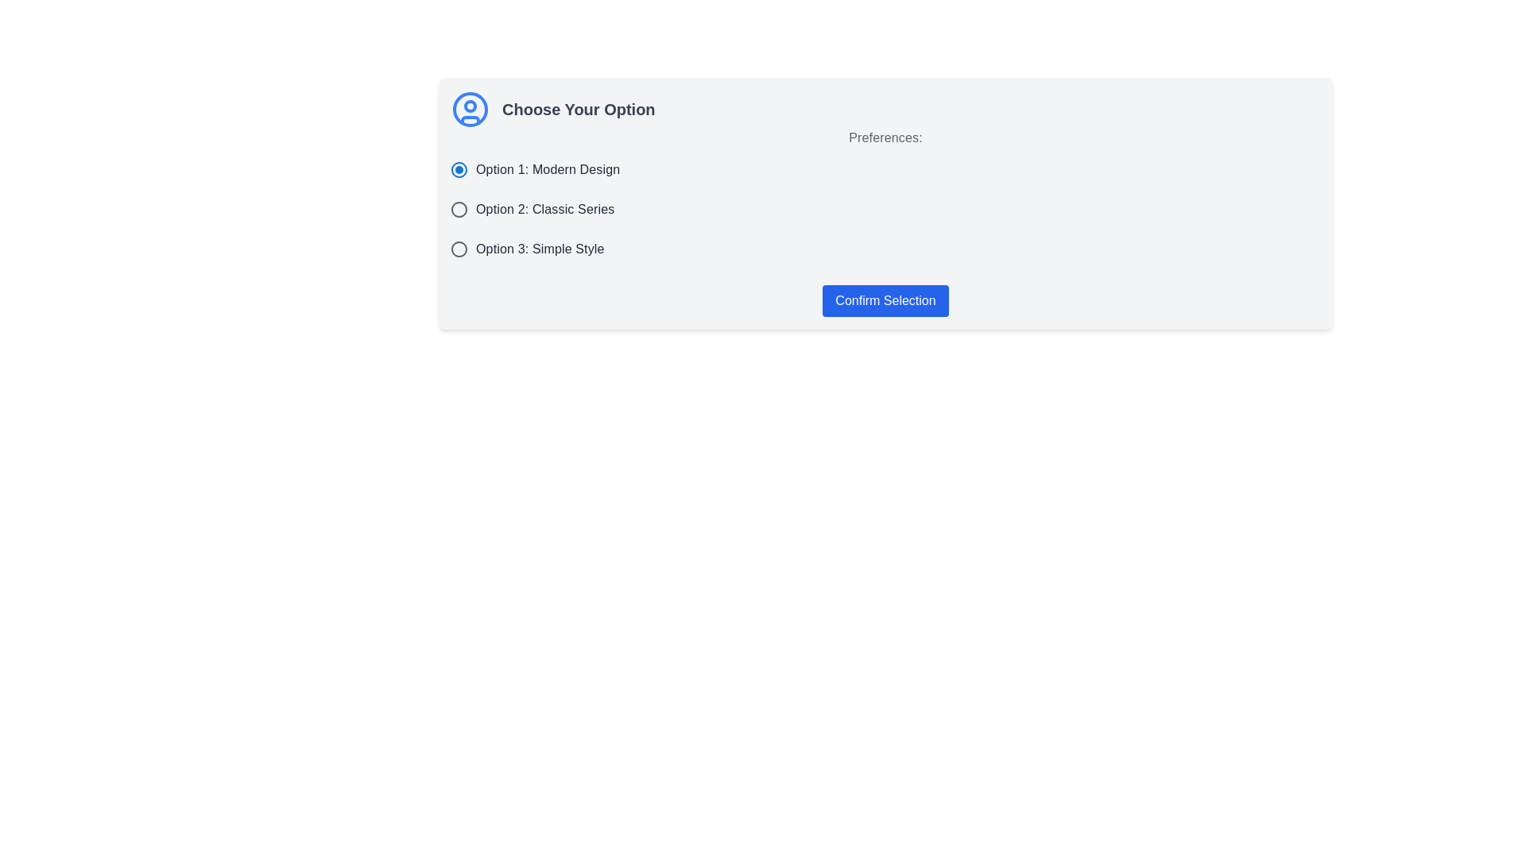 This screenshot has width=1526, height=858. Describe the element at coordinates (885, 300) in the screenshot. I see `the blue button labeled 'Confirm Selection' to confirm the selection` at that location.